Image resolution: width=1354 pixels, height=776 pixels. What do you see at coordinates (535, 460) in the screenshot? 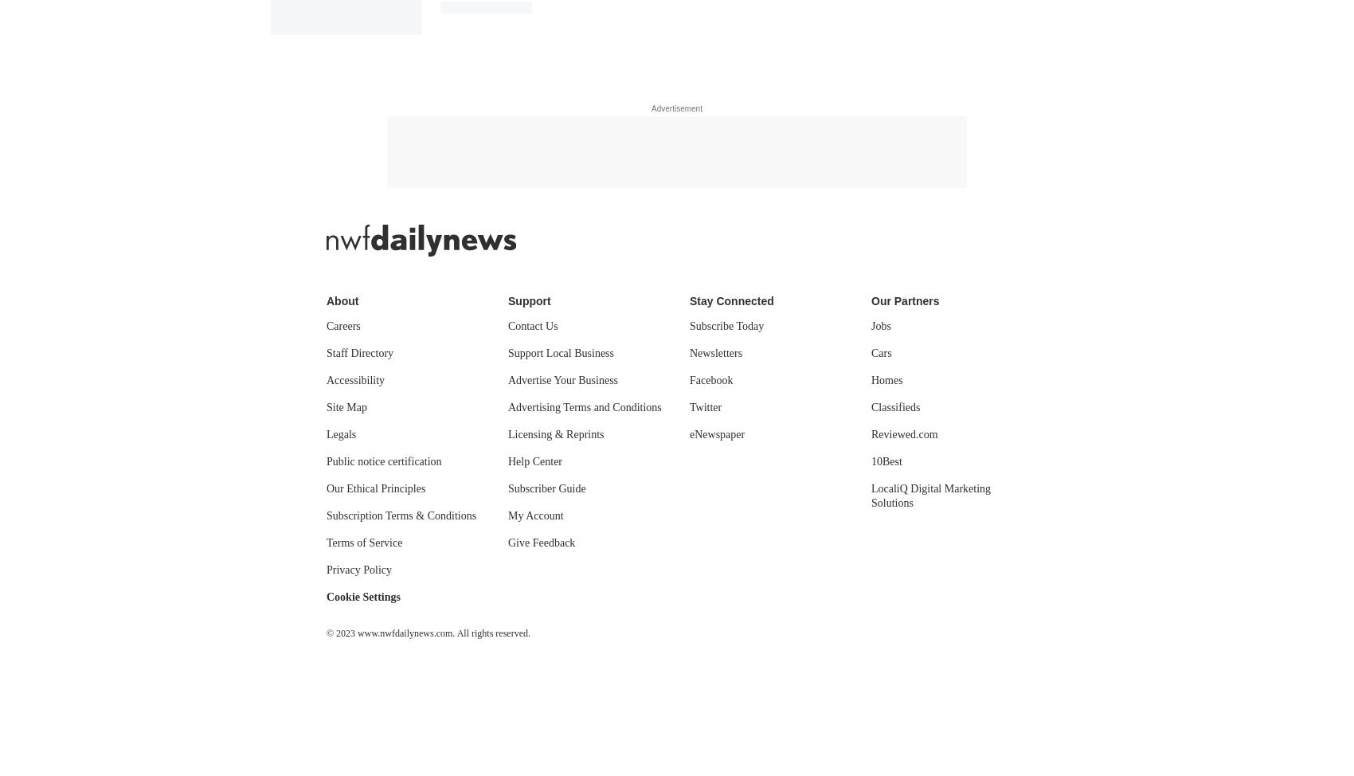
I see `'Help Center'` at bounding box center [535, 460].